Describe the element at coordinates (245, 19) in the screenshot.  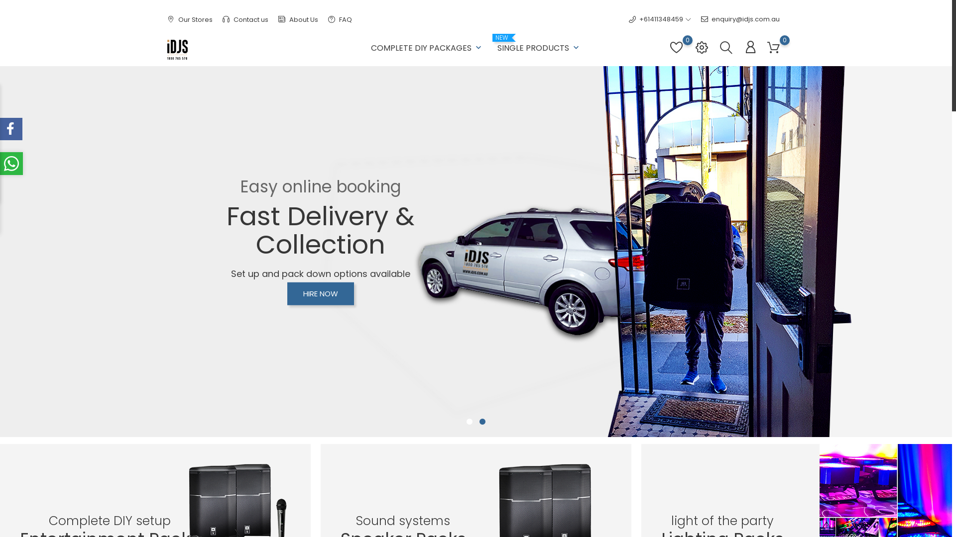
I see `'Contact us'` at that location.